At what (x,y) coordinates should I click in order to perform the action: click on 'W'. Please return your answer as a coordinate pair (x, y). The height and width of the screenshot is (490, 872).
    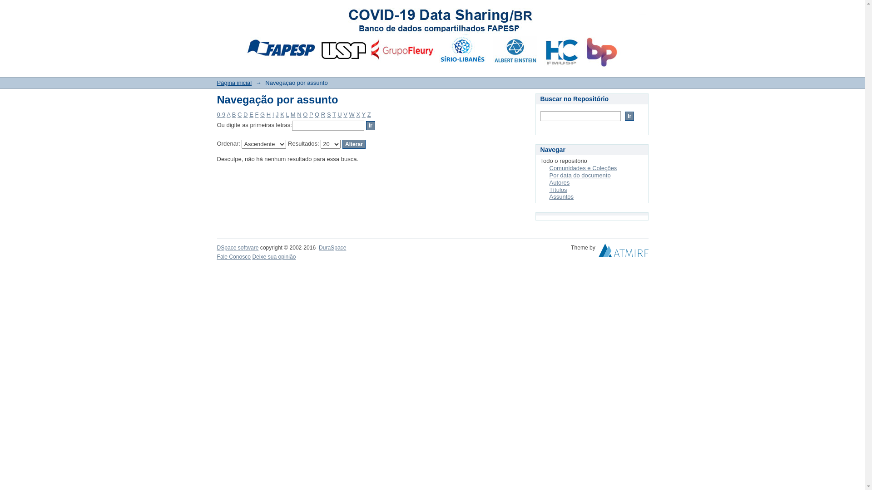
    Looking at the image, I should click on (351, 114).